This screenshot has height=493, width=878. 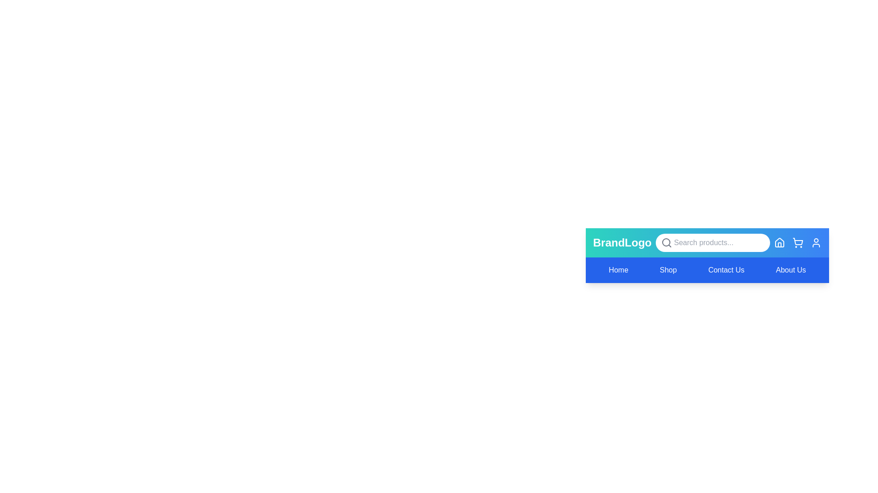 What do you see at coordinates (790, 269) in the screenshot?
I see `the navigation menu item About Us` at bounding box center [790, 269].